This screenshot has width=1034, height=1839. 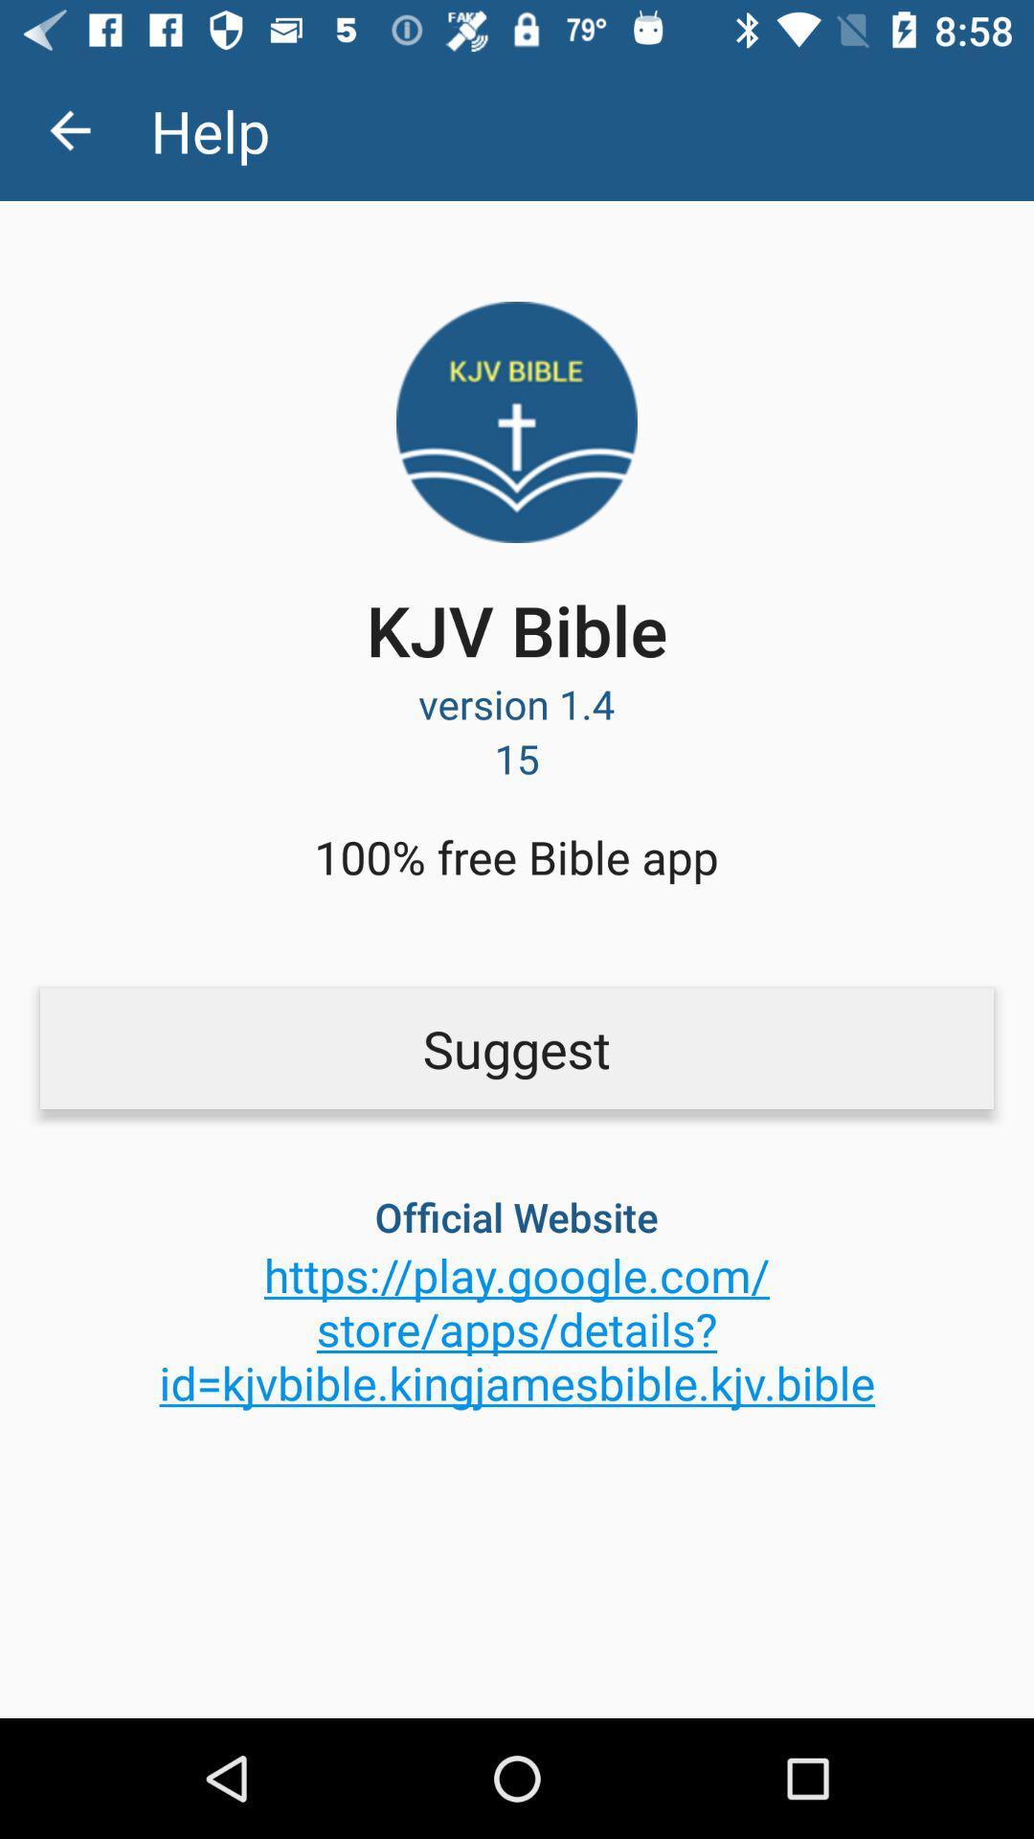 I want to click on 100 free bible item, so click(x=515, y=855).